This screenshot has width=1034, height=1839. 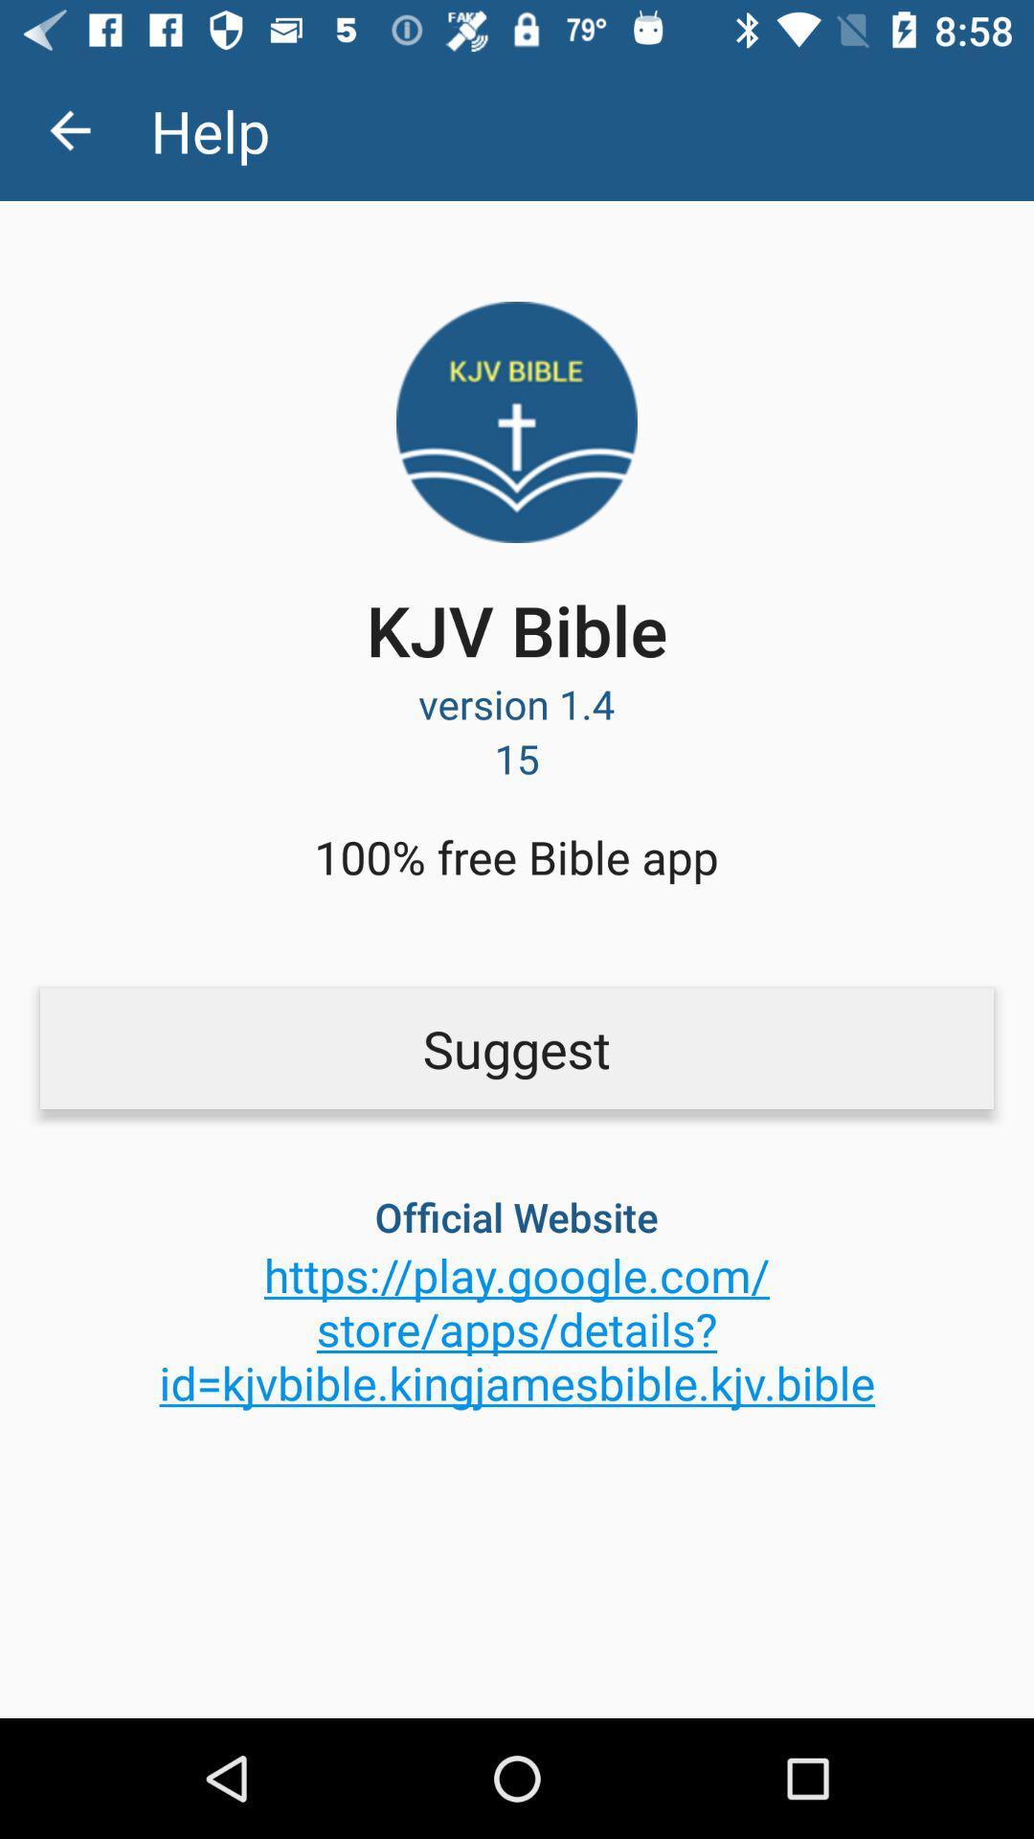 I want to click on 100 free bible item, so click(x=515, y=855).